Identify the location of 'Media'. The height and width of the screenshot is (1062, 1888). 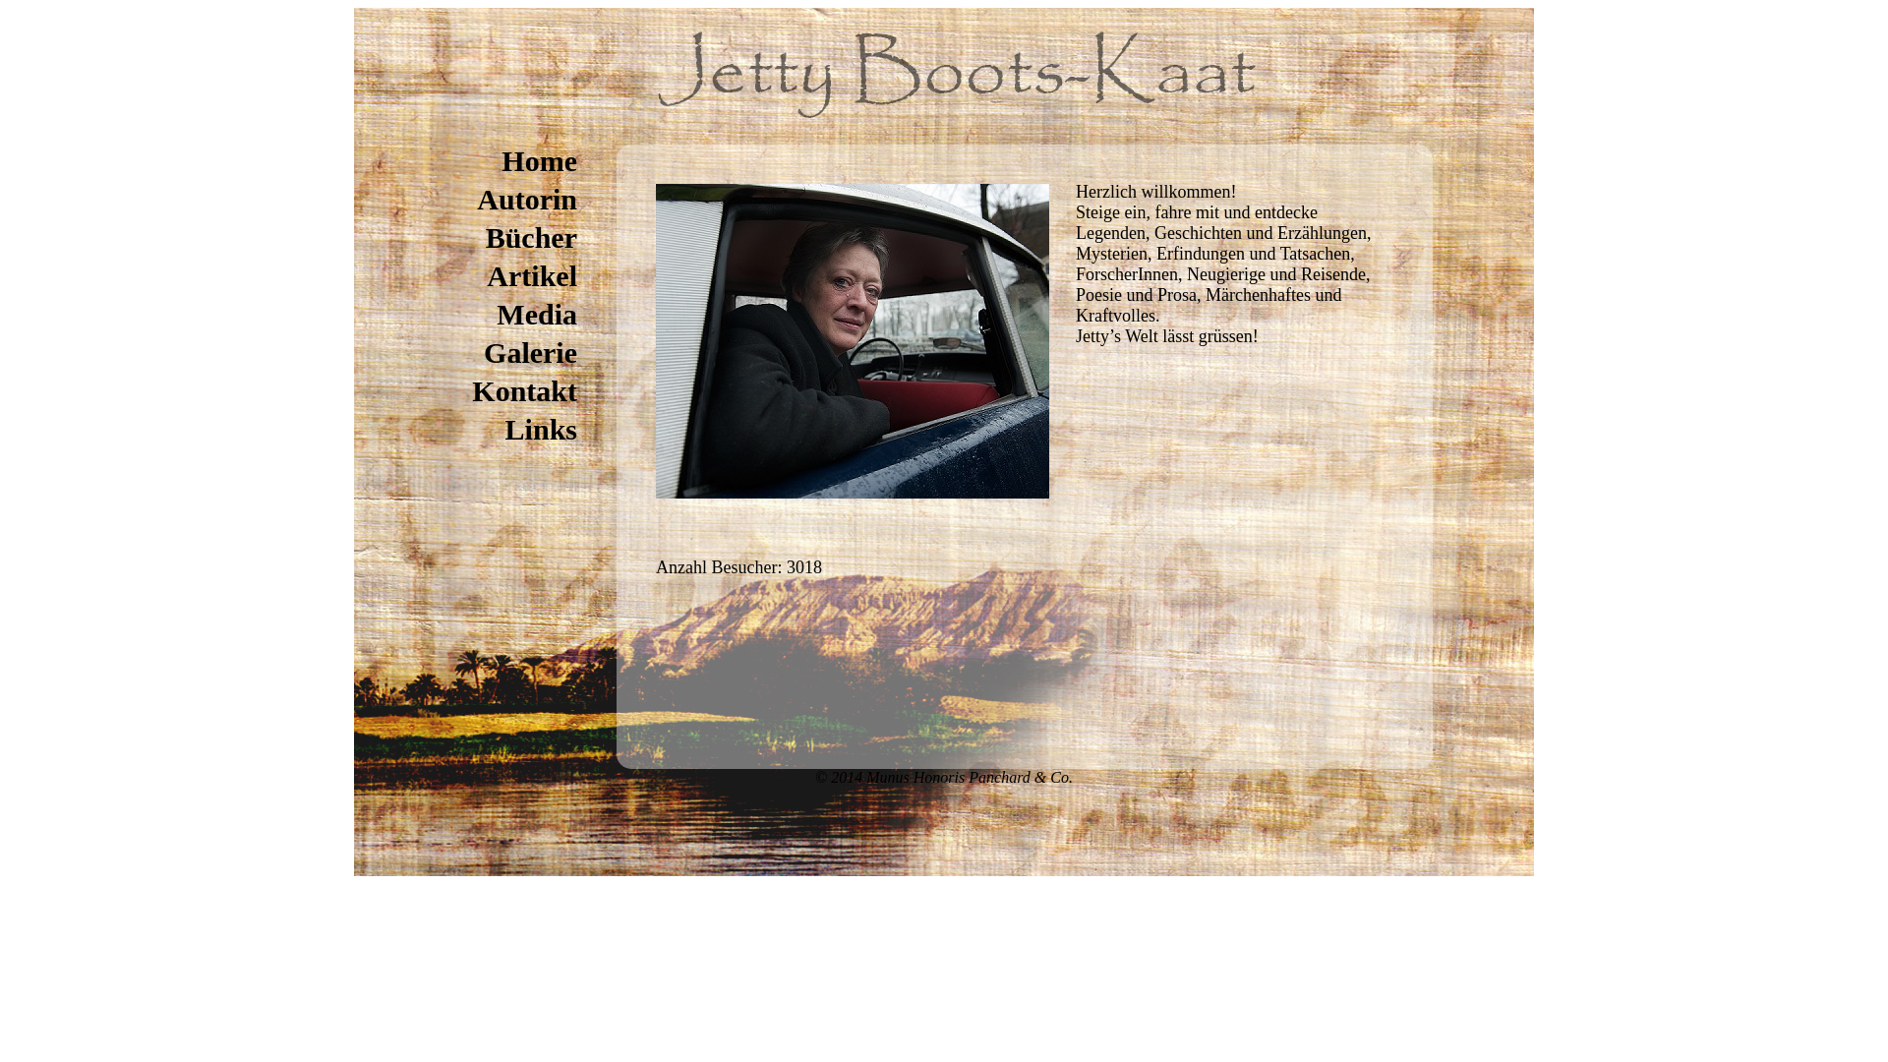
(537, 313).